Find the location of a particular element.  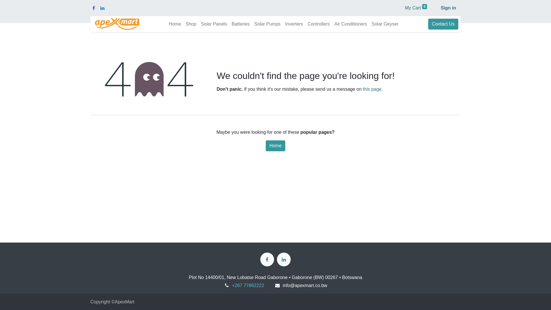

'Air Conditioners' is located at coordinates (350, 24).